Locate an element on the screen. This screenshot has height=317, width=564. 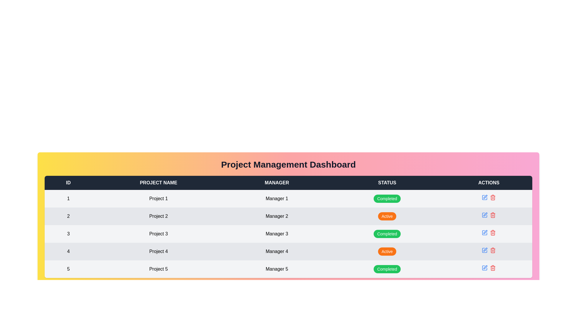
the pencil icon located in the last row of the 'Actions' column is located at coordinates (485, 267).